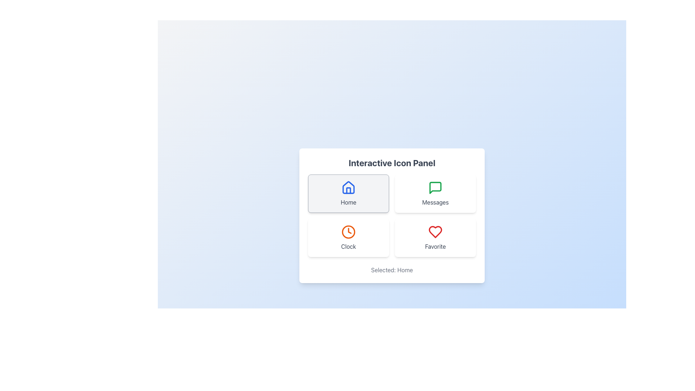  I want to click on the 'Home' button with a blue house icon located in the top-left of the 'Interactive Icon Panel', so click(349, 193).